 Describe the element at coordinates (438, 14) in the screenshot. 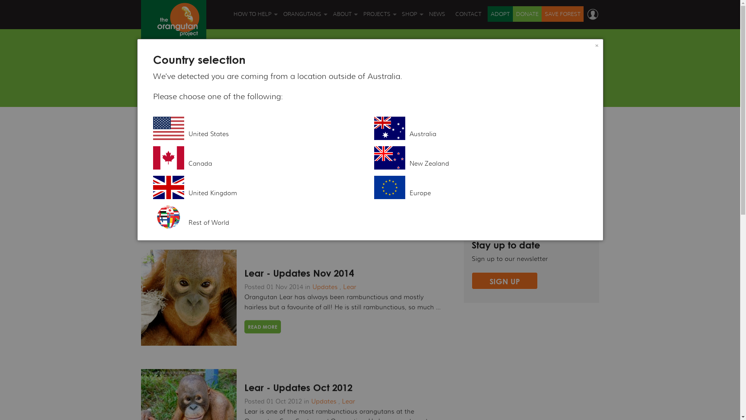

I see `'NEWS'` at that location.